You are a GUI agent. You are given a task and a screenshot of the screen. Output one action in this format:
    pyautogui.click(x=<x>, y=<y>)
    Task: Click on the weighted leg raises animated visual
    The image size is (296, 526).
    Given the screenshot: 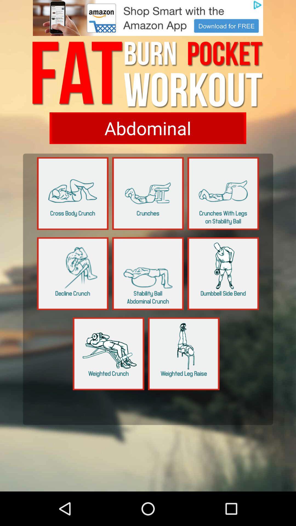 What is the action you would take?
    pyautogui.click(x=184, y=354)
    